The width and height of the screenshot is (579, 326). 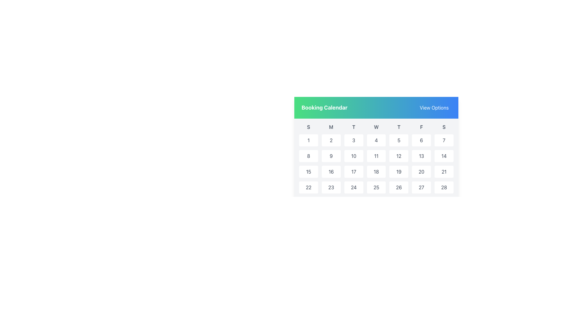 I want to click on the text label representing the 25th day of the month in the calendar grid, so click(x=376, y=187).